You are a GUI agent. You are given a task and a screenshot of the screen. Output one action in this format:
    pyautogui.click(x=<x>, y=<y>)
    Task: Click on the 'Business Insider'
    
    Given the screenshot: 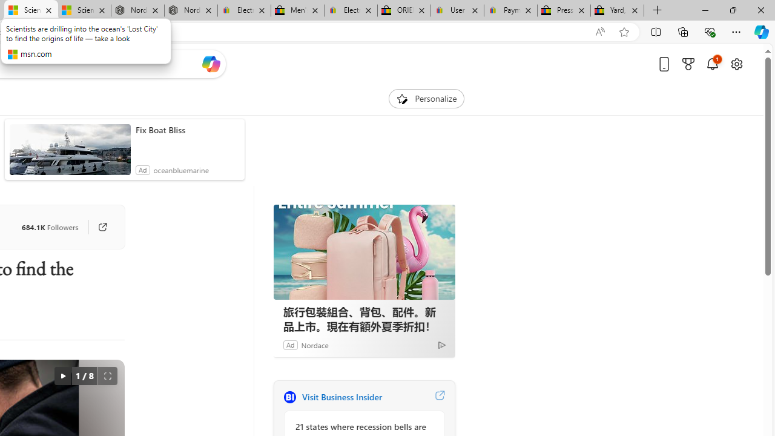 What is the action you would take?
    pyautogui.click(x=289, y=397)
    